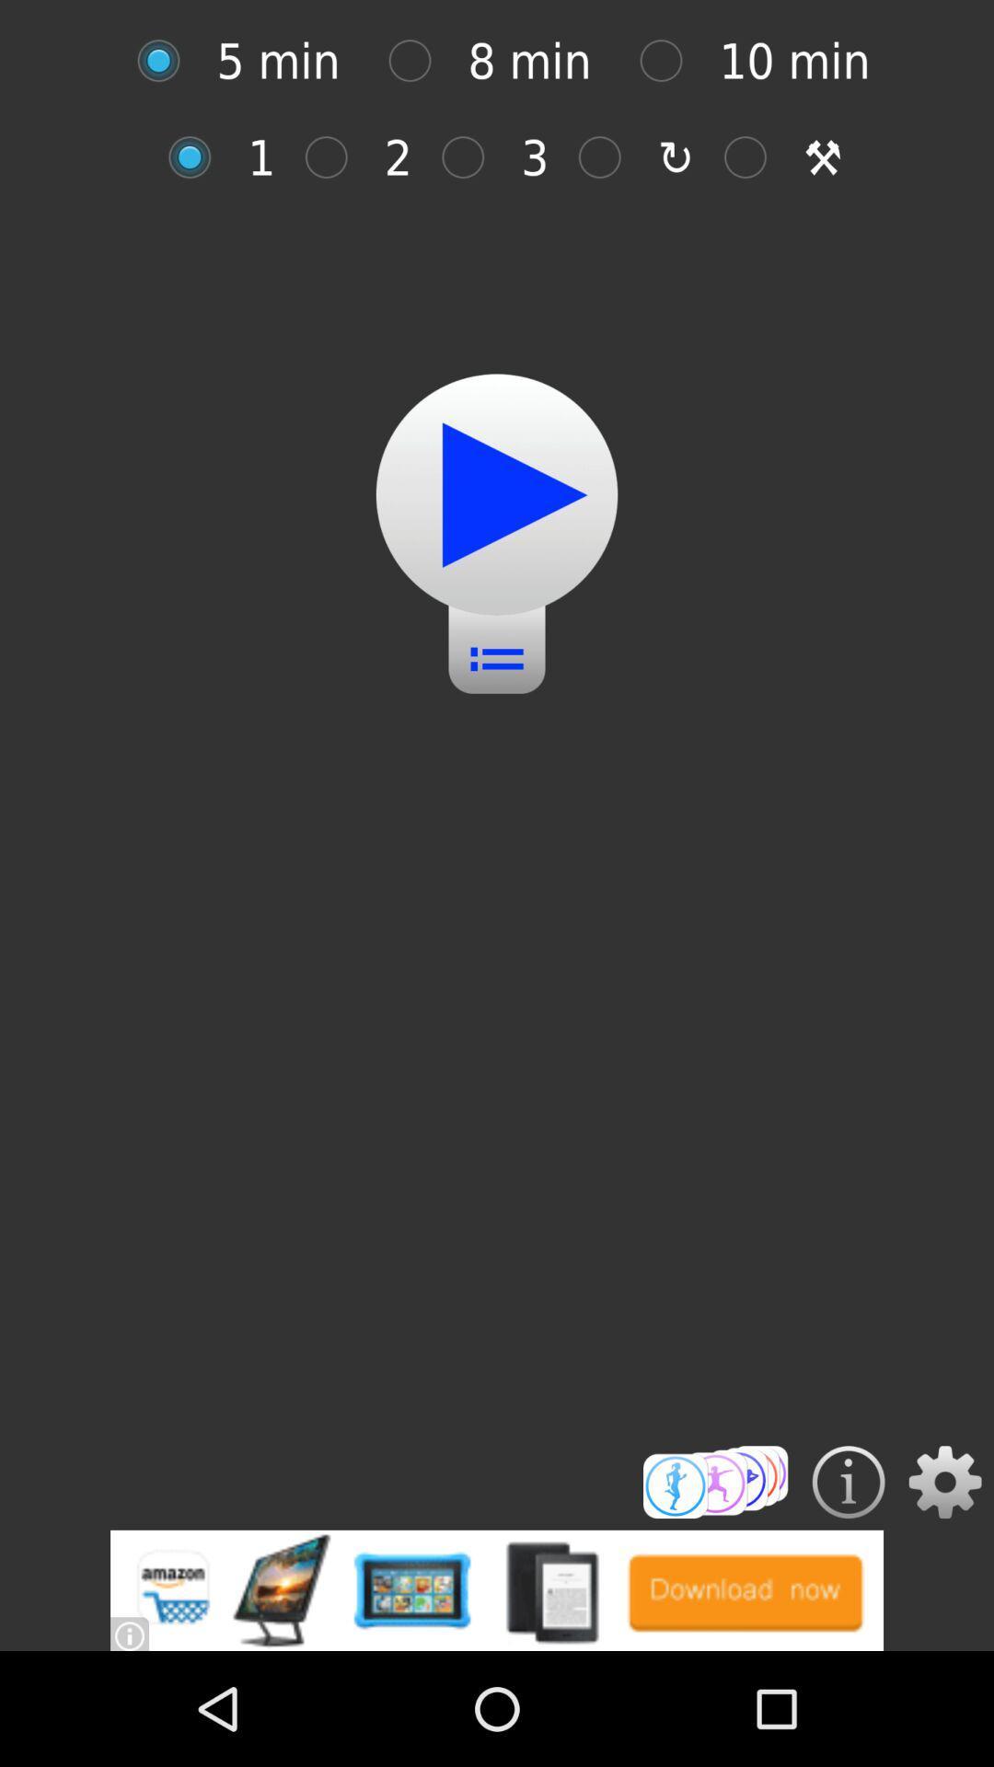  I want to click on the radio button beside the text 5 min, so click(168, 61).